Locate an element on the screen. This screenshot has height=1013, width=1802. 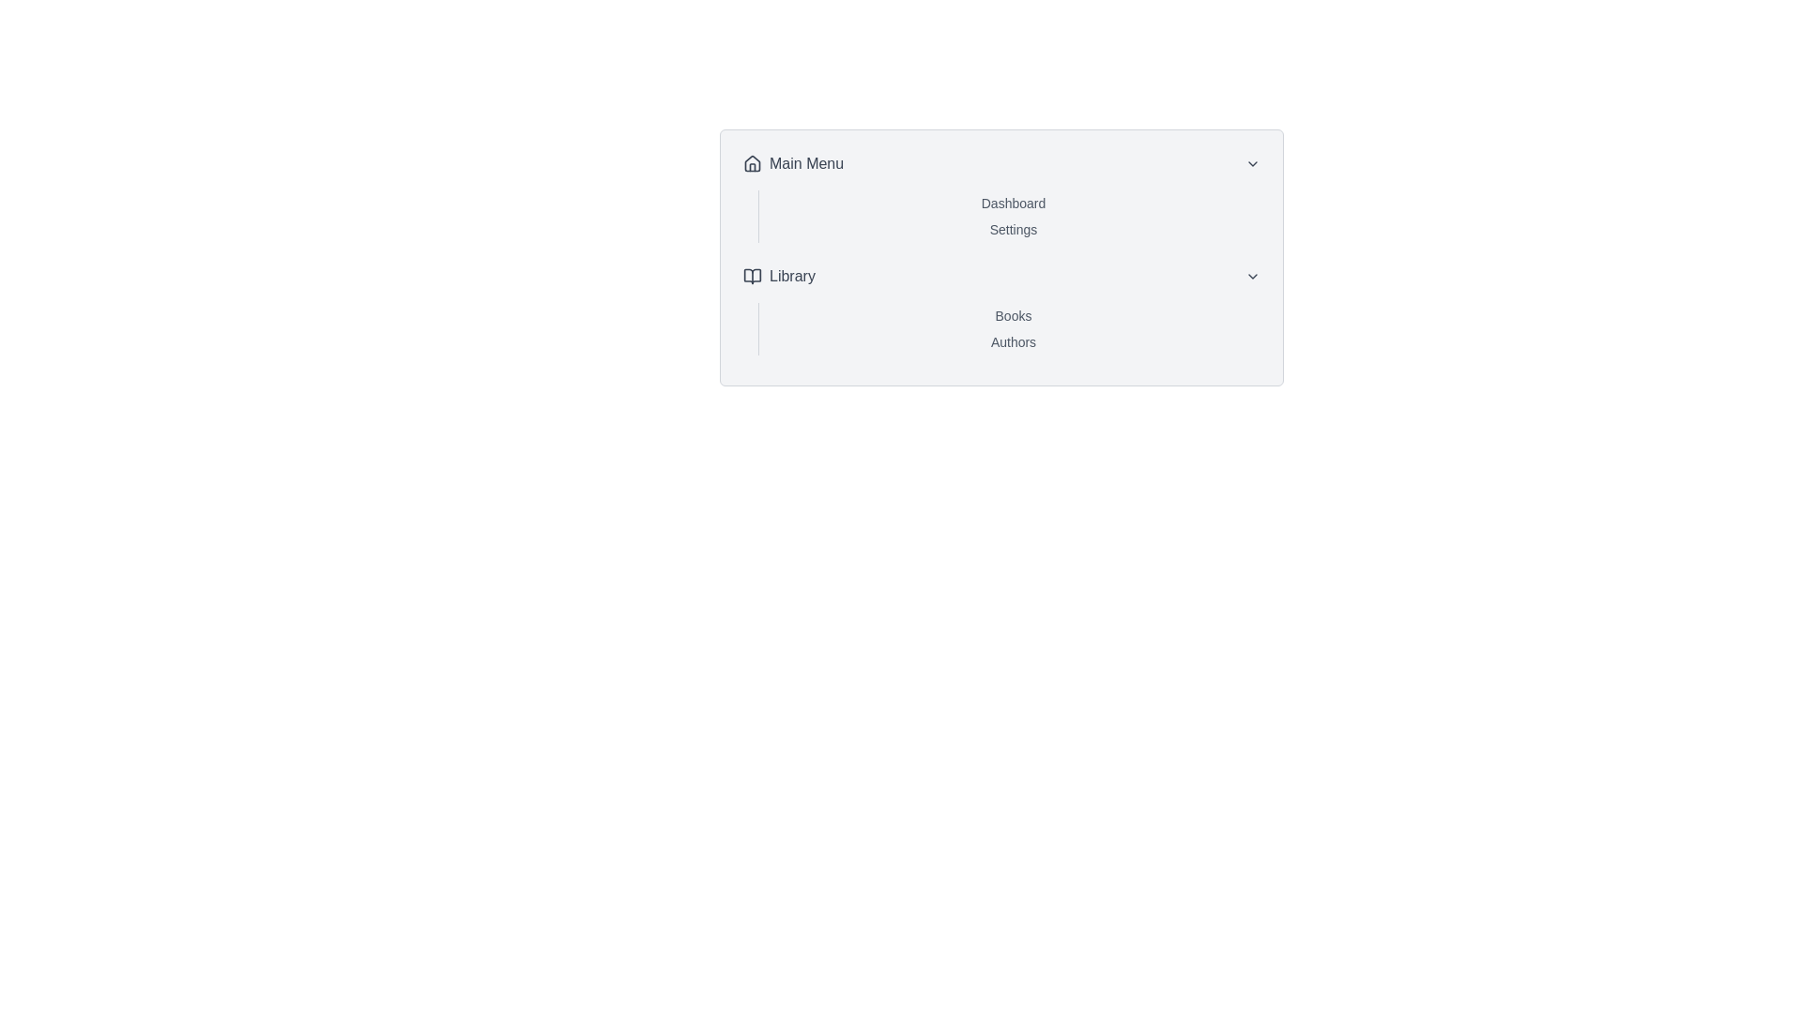
the 'Settings' hyperlink in the menu section, which is styled in gray and located below the 'Dashboard' entry is located at coordinates (1013, 229).